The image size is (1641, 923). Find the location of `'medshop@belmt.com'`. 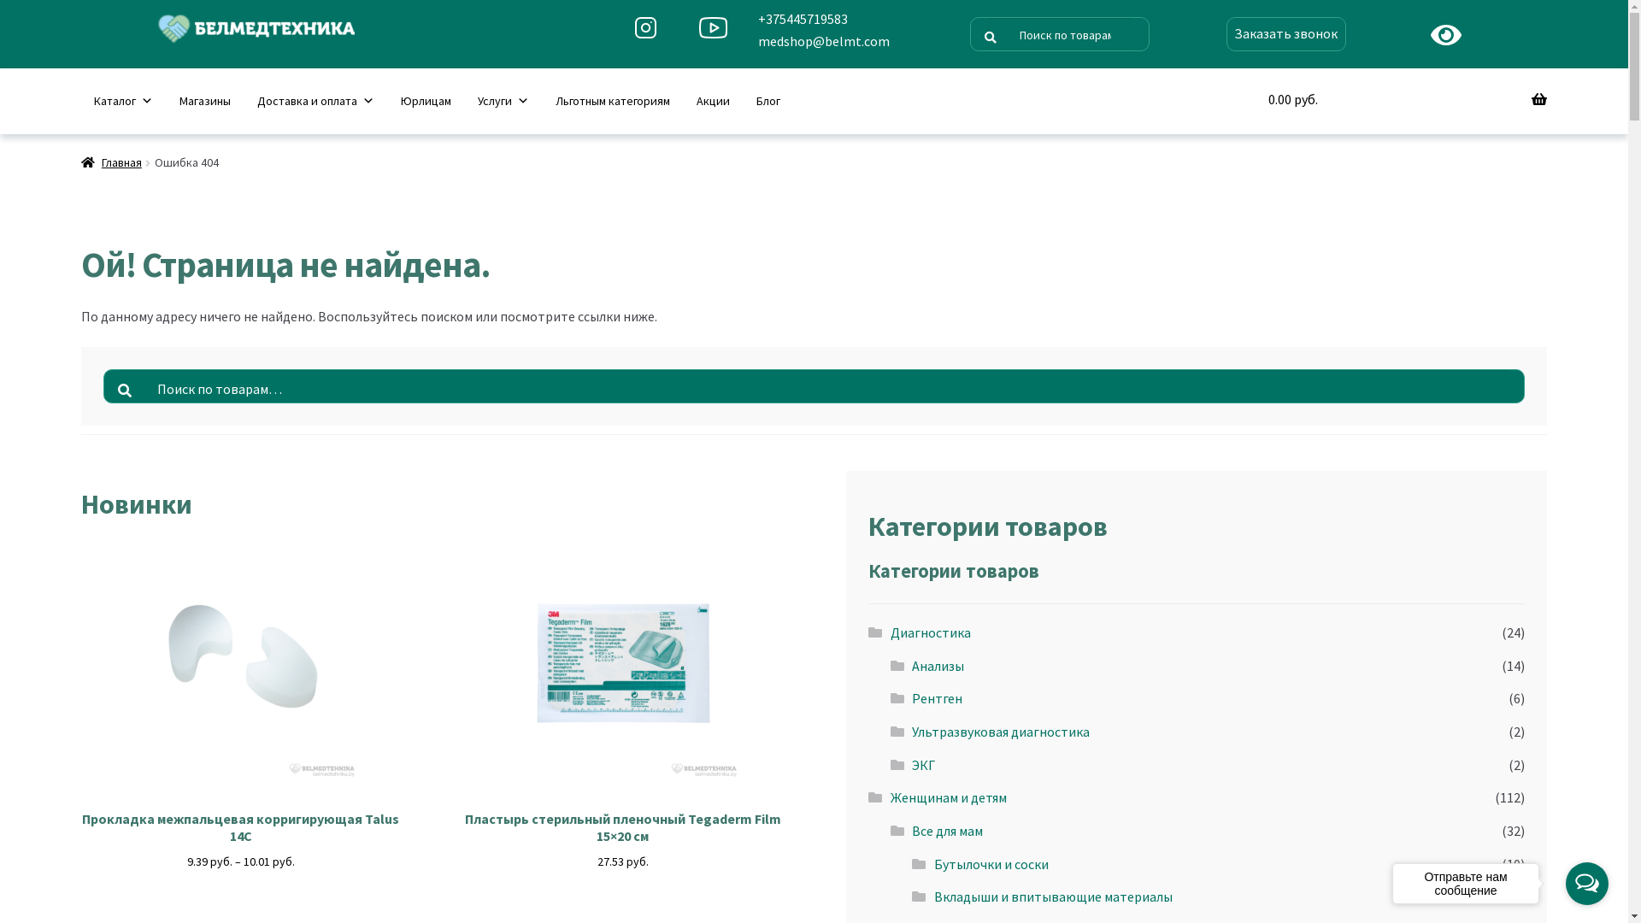

'medshop@belmt.com' is located at coordinates (824, 41).